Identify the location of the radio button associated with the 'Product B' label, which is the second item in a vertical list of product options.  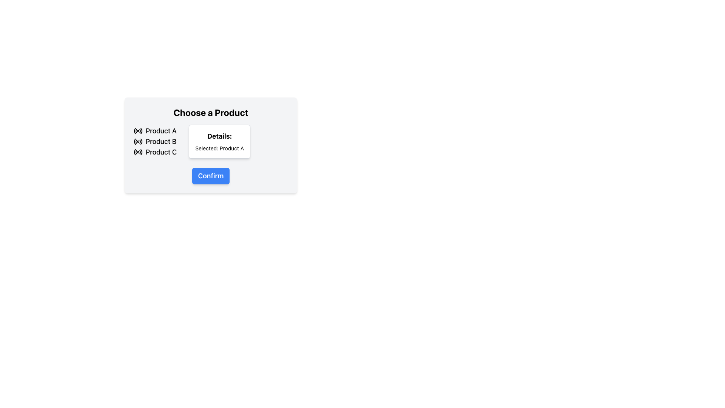
(160, 141).